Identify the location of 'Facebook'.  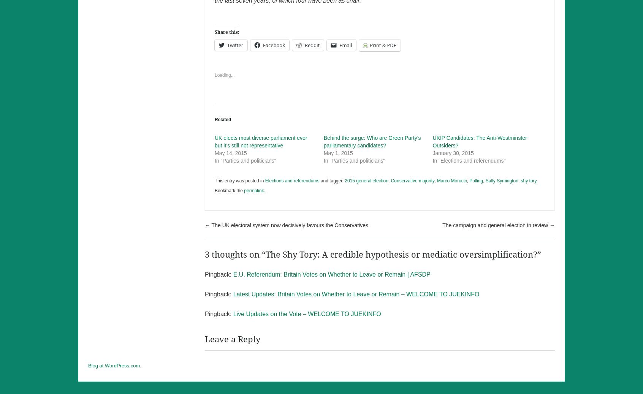
(263, 45).